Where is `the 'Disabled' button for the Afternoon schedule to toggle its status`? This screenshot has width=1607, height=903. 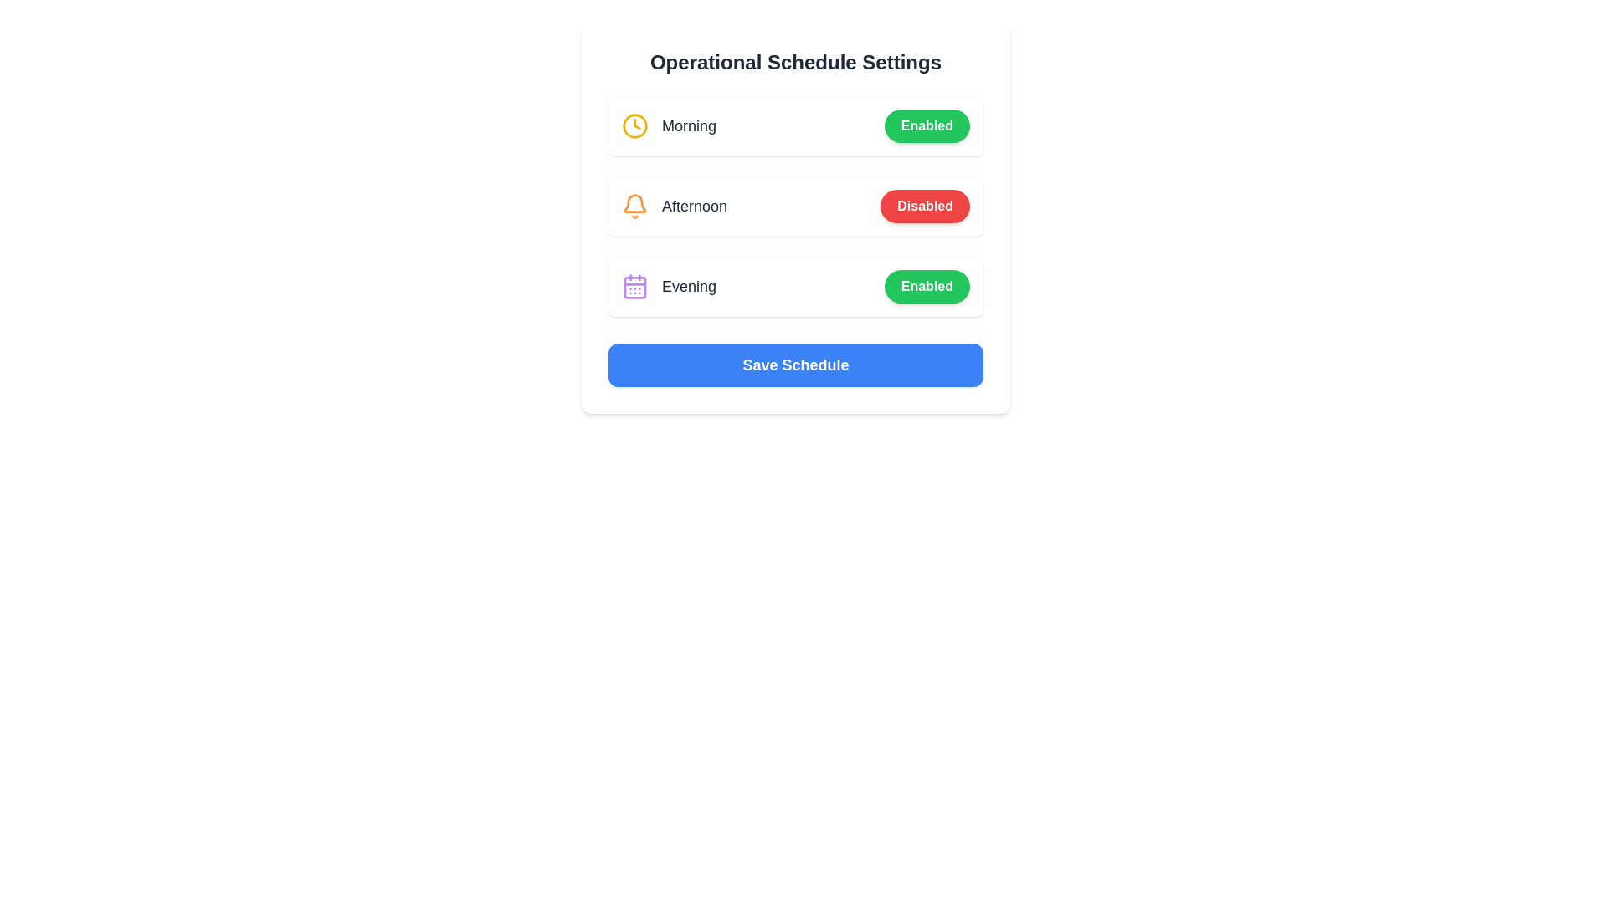
the 'Disabled' button for the Afternoon schedule to toggle its status is located at coordinates (924, 205).